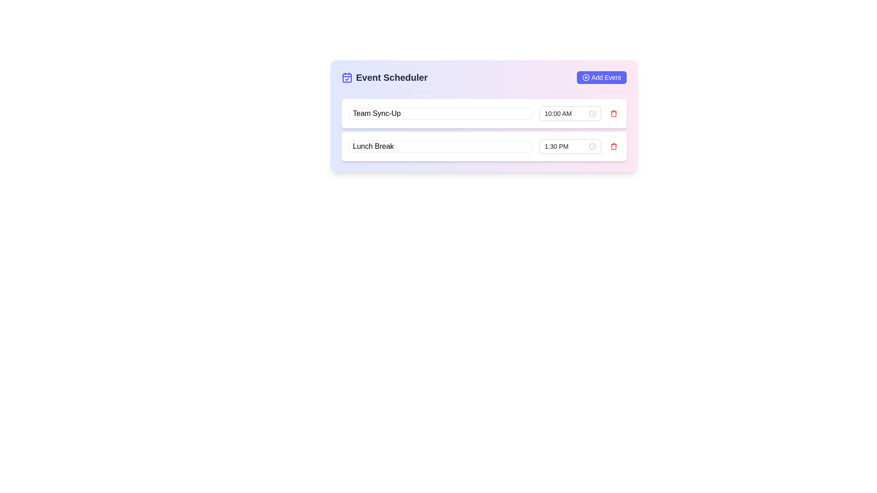 This screenshot has height=493, width=877. Describe the element at coordinates (592, 146) in the screenshot. I see `the Clock icon, which is the suffix indicator for the time picker input located to the right of the time display input field labeled '1:30 PM'` at that location.